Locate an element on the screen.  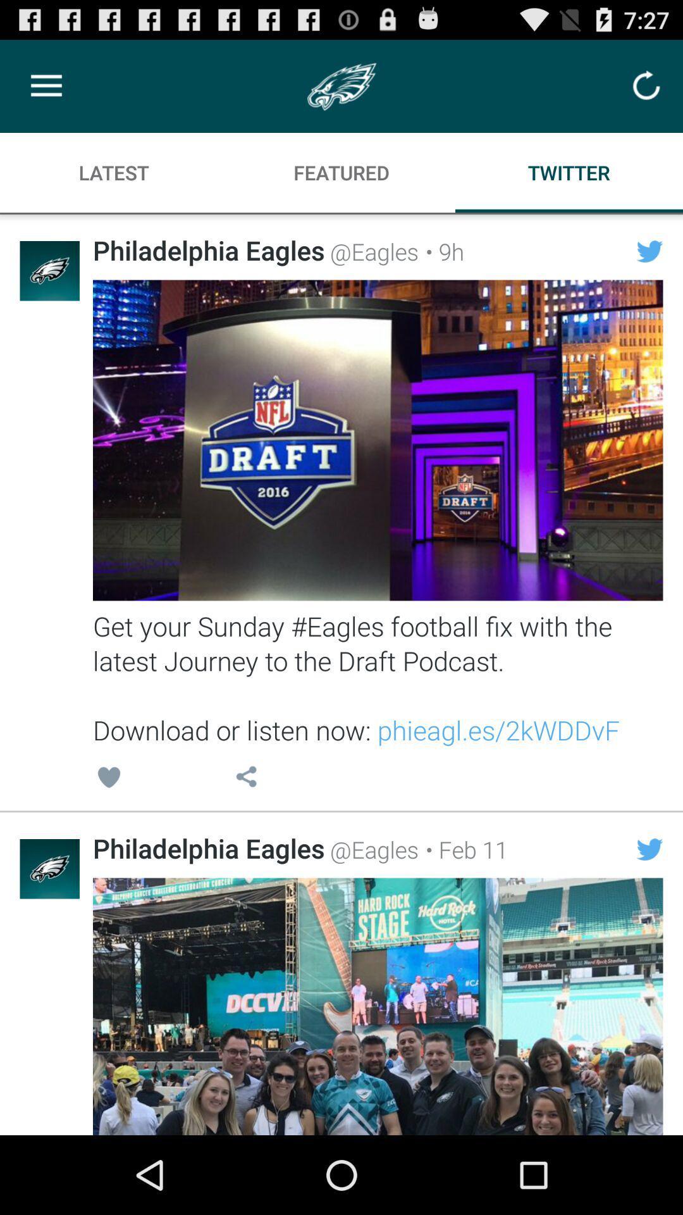
item to the right of @eagles is located at coordinates (463, 849).